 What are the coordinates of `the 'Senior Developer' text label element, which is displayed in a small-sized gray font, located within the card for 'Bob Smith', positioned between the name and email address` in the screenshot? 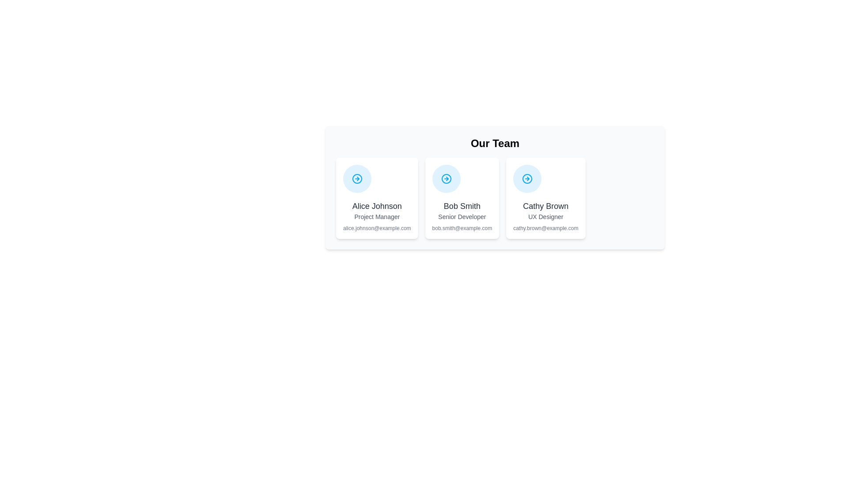 It's located at (462, 216).